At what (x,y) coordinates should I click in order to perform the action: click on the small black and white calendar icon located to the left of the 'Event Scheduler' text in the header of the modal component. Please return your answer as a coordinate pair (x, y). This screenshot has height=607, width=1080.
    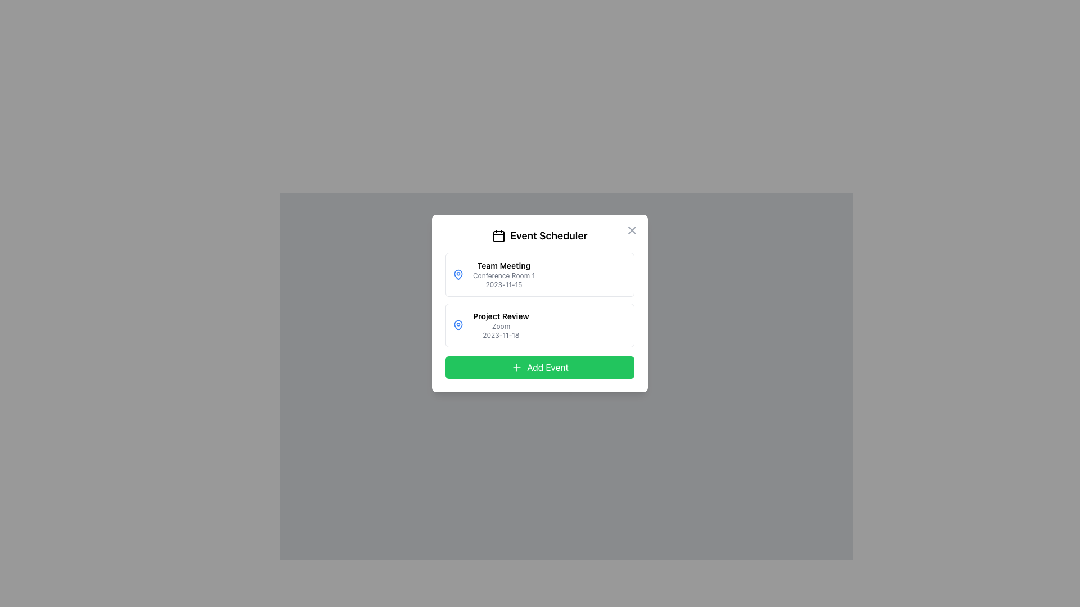
    Looking at the image, I should click on (498, 235).